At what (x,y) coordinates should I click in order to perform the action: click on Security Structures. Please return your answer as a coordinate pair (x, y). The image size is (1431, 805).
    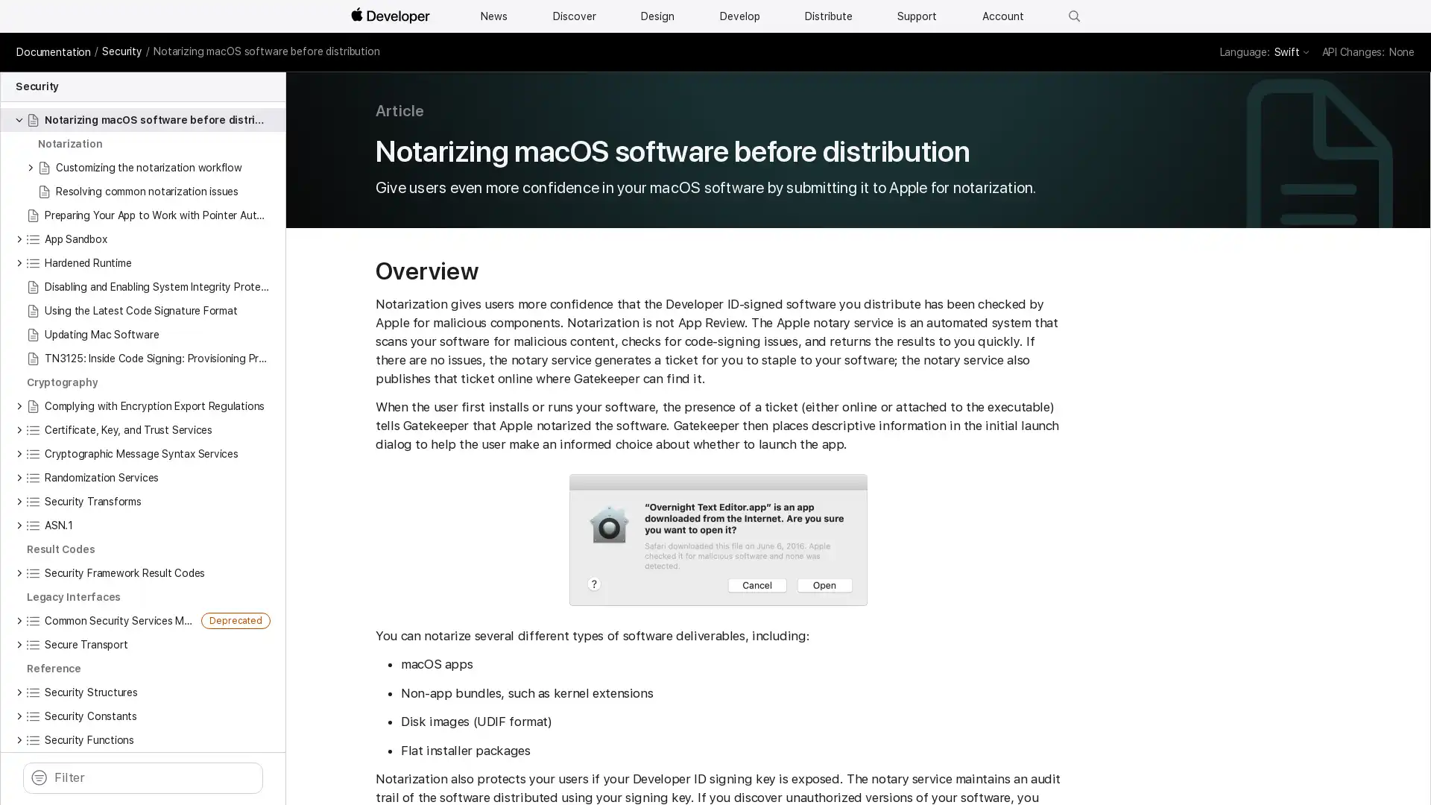
    Looking at the image, I should click on (17, 701).